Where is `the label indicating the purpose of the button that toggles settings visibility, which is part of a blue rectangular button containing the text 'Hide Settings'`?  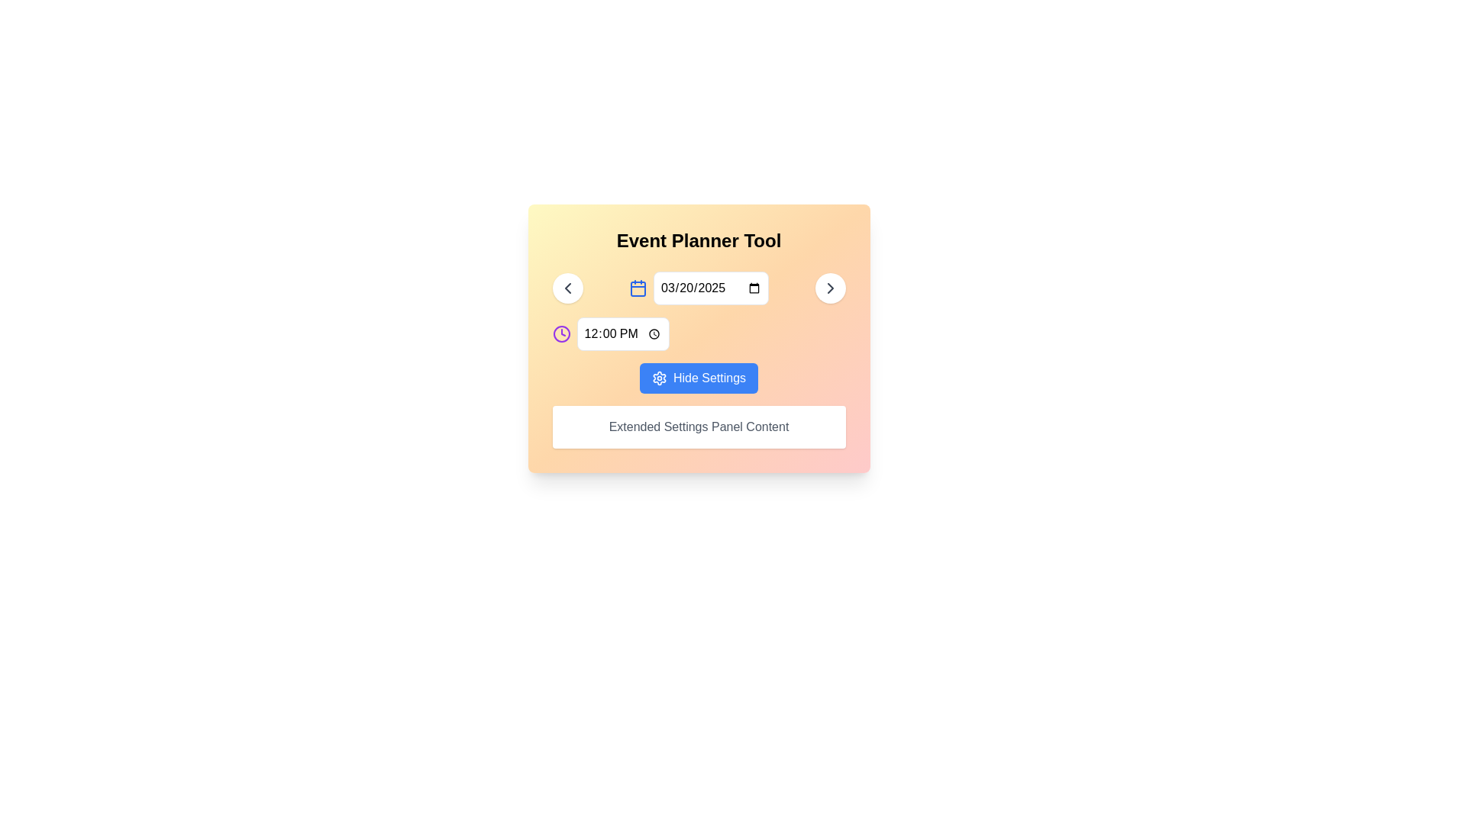 the label indicating the purpose of the button that toggles settings visibility, which is part of a blue rectangular button containing the text 'Hide Settings' is located at coordinates (709, 378).